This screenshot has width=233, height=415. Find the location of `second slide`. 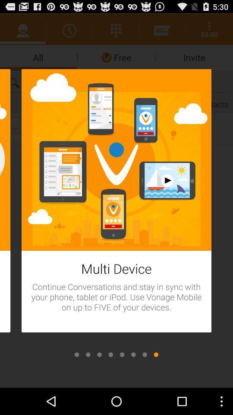

second slide is located at coordinates (88, 354).